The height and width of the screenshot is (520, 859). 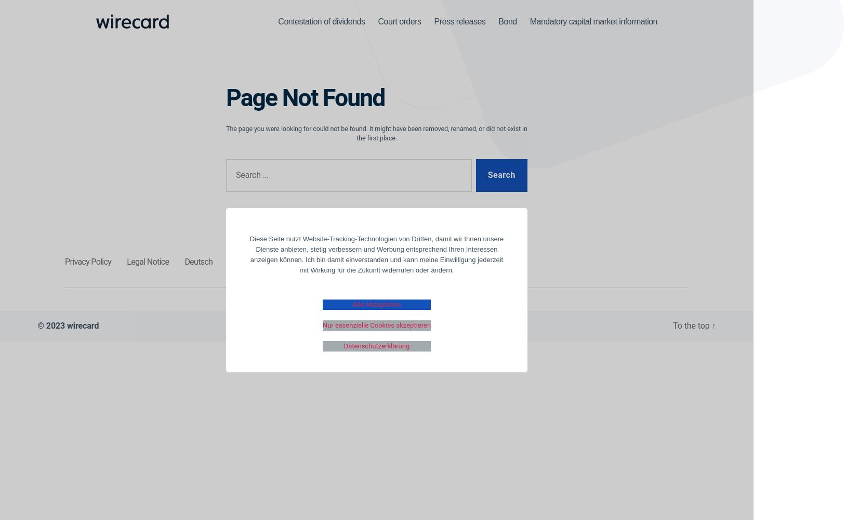 What do you see at coordinates (51, 325) in the screenshot?
I see `'©
							2023'` at bounding box center [51, 325].